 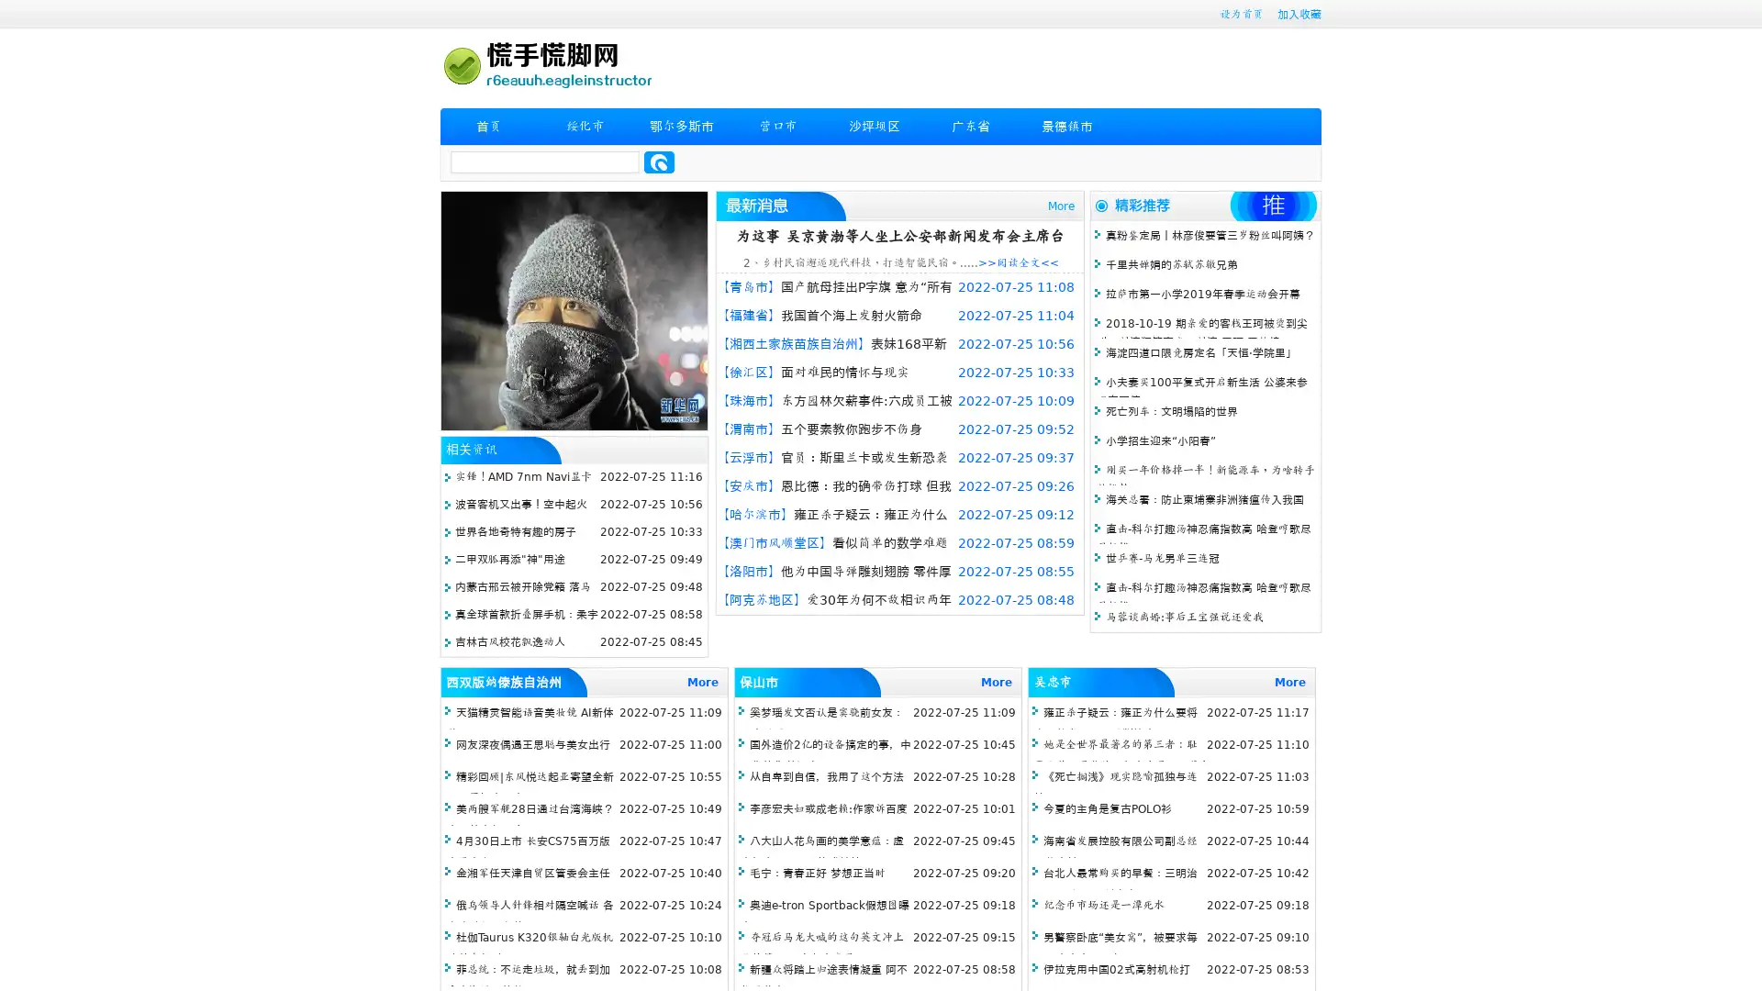 I want to click on Search, so click(x=659, y=161).